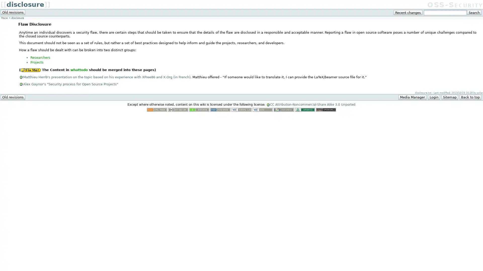 The width and height of the screenshot is (483, 271). What do you see at coordinates (433, 97) in the screenshot?
I see `Login` at bounding box center [433, 97].